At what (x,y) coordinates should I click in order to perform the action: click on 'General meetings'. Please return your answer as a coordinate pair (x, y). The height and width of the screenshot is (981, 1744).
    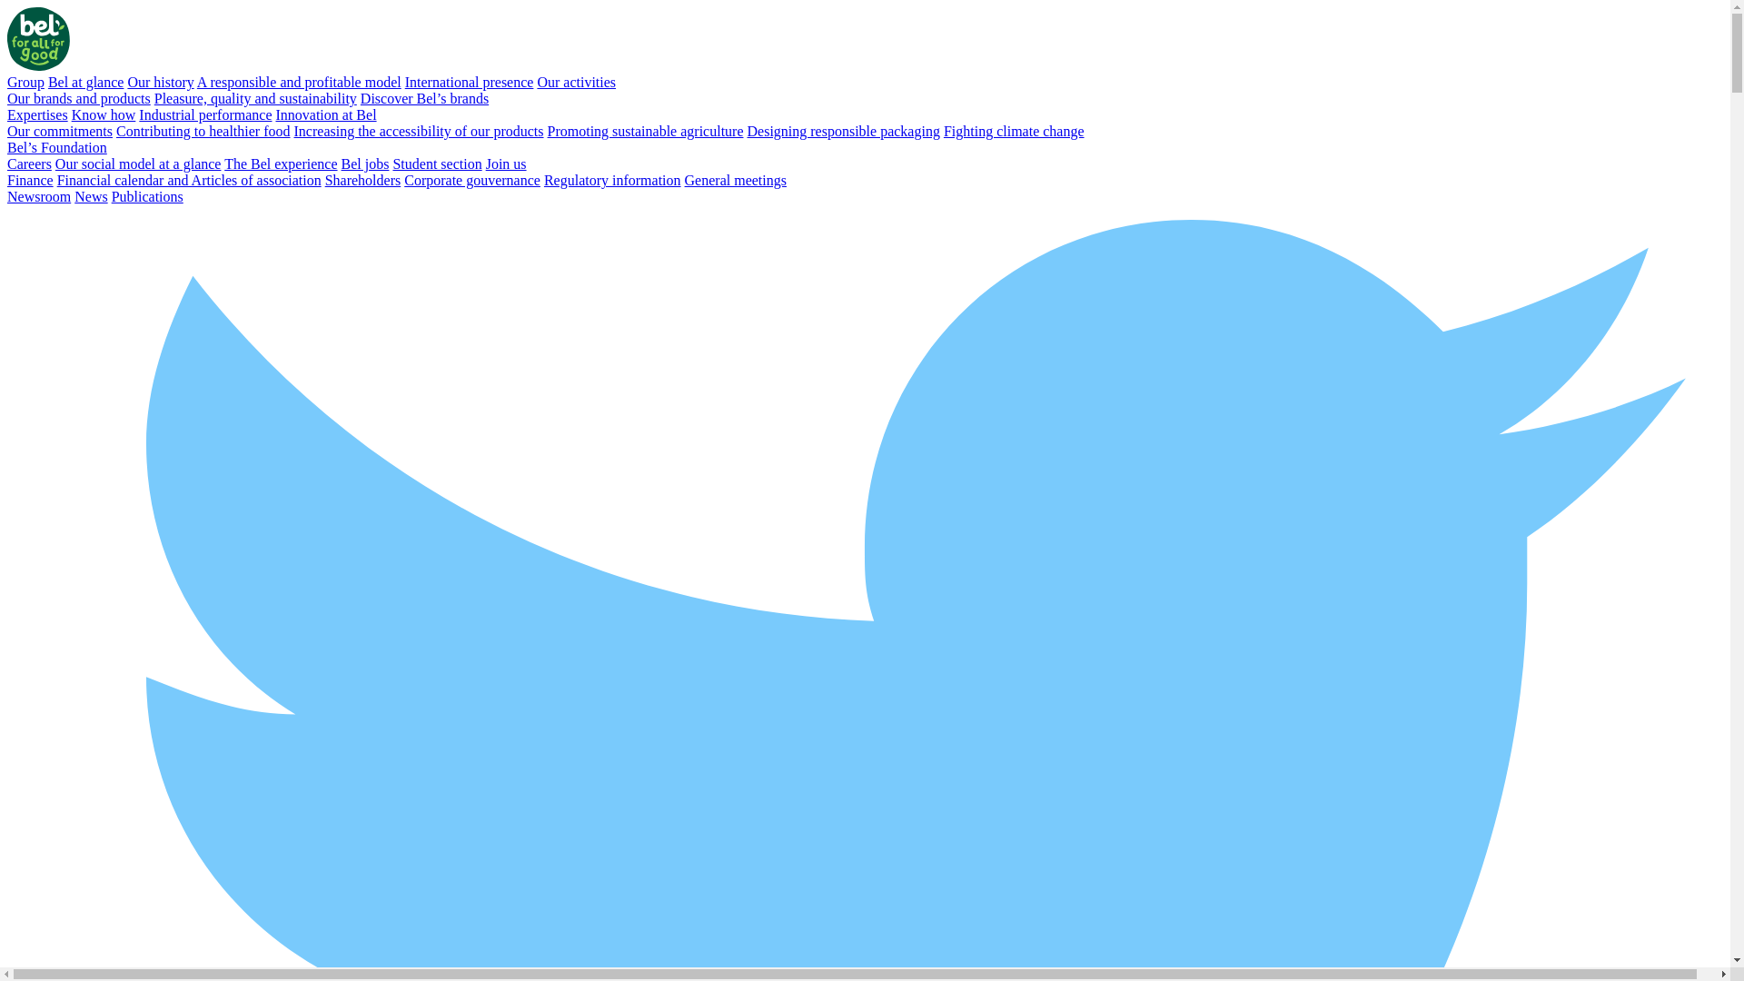
    Looking at the image, I should click on (736, 180).